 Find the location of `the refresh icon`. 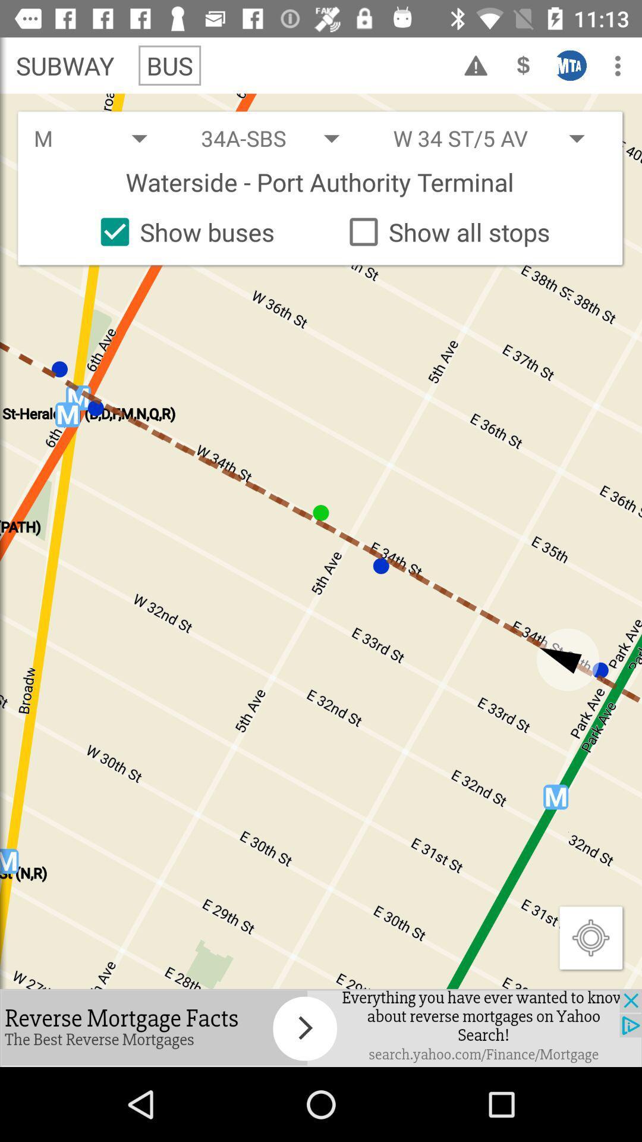

the refresh icon is located at coordinates (523, 65).